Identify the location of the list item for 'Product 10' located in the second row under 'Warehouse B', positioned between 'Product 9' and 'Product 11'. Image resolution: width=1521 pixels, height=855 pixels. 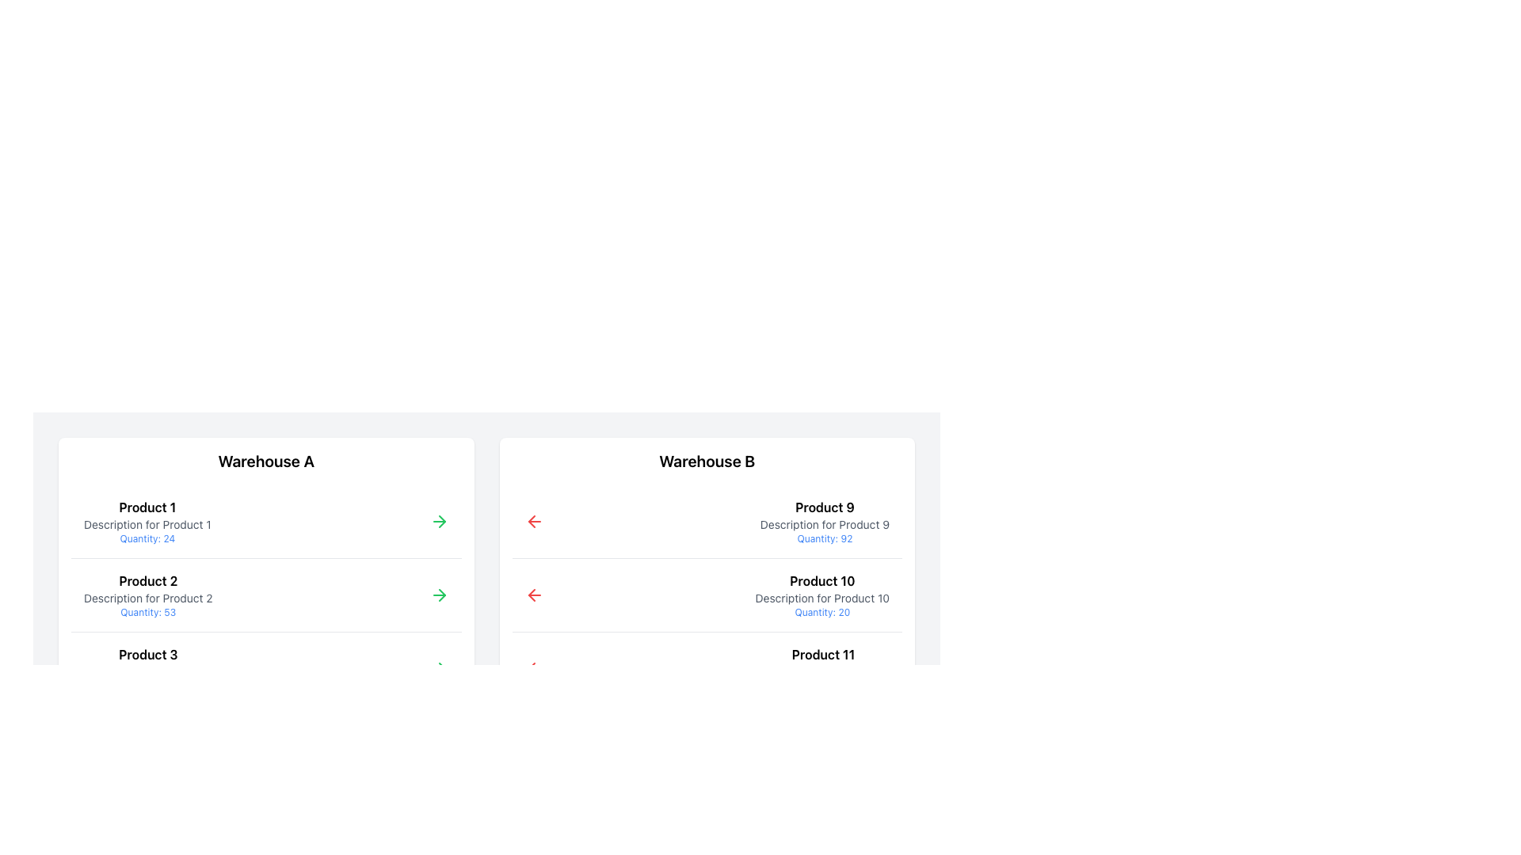
(706, 595).